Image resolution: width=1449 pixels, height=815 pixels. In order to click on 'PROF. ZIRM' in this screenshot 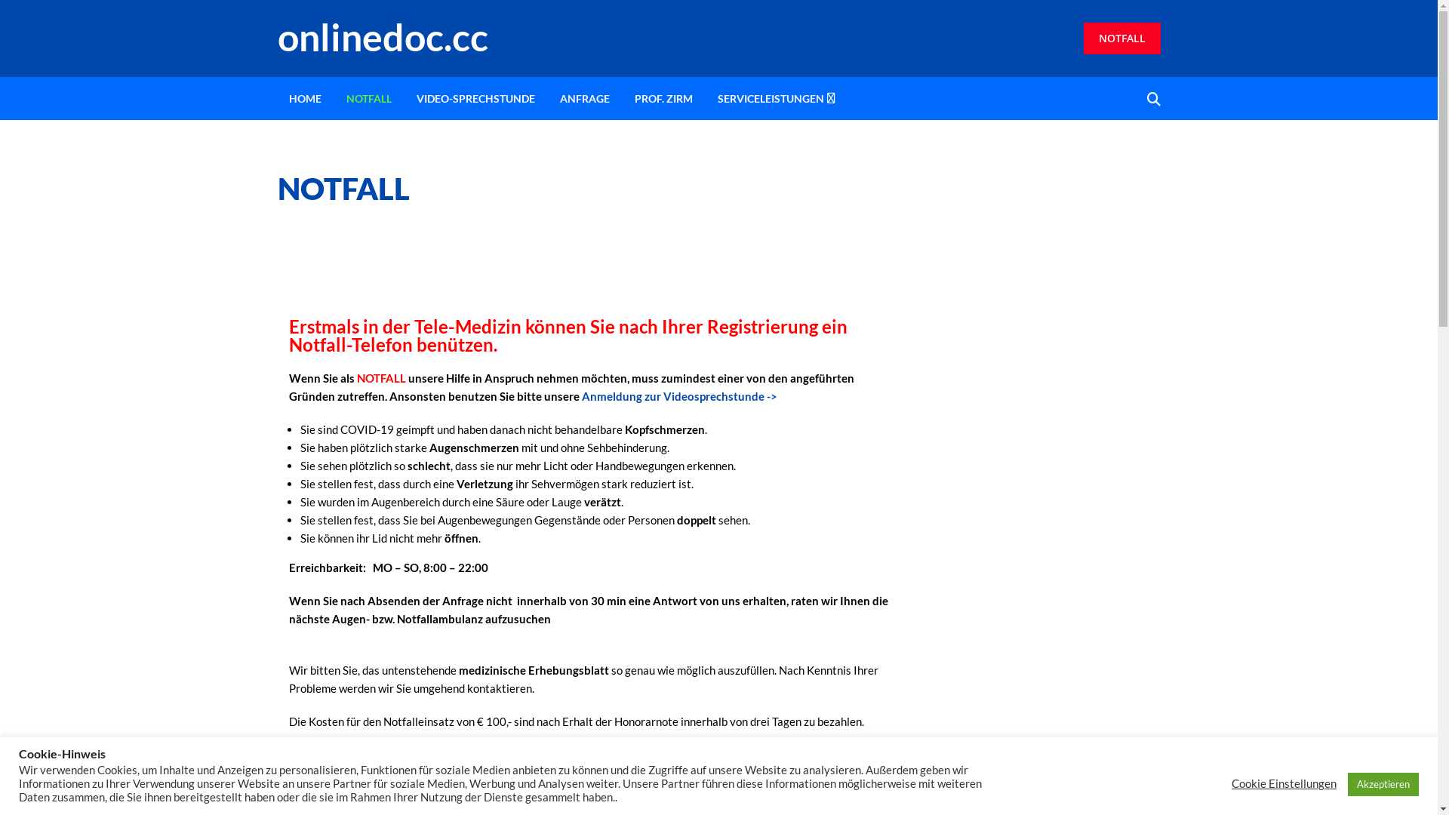, I will do `click(623, 98)`.